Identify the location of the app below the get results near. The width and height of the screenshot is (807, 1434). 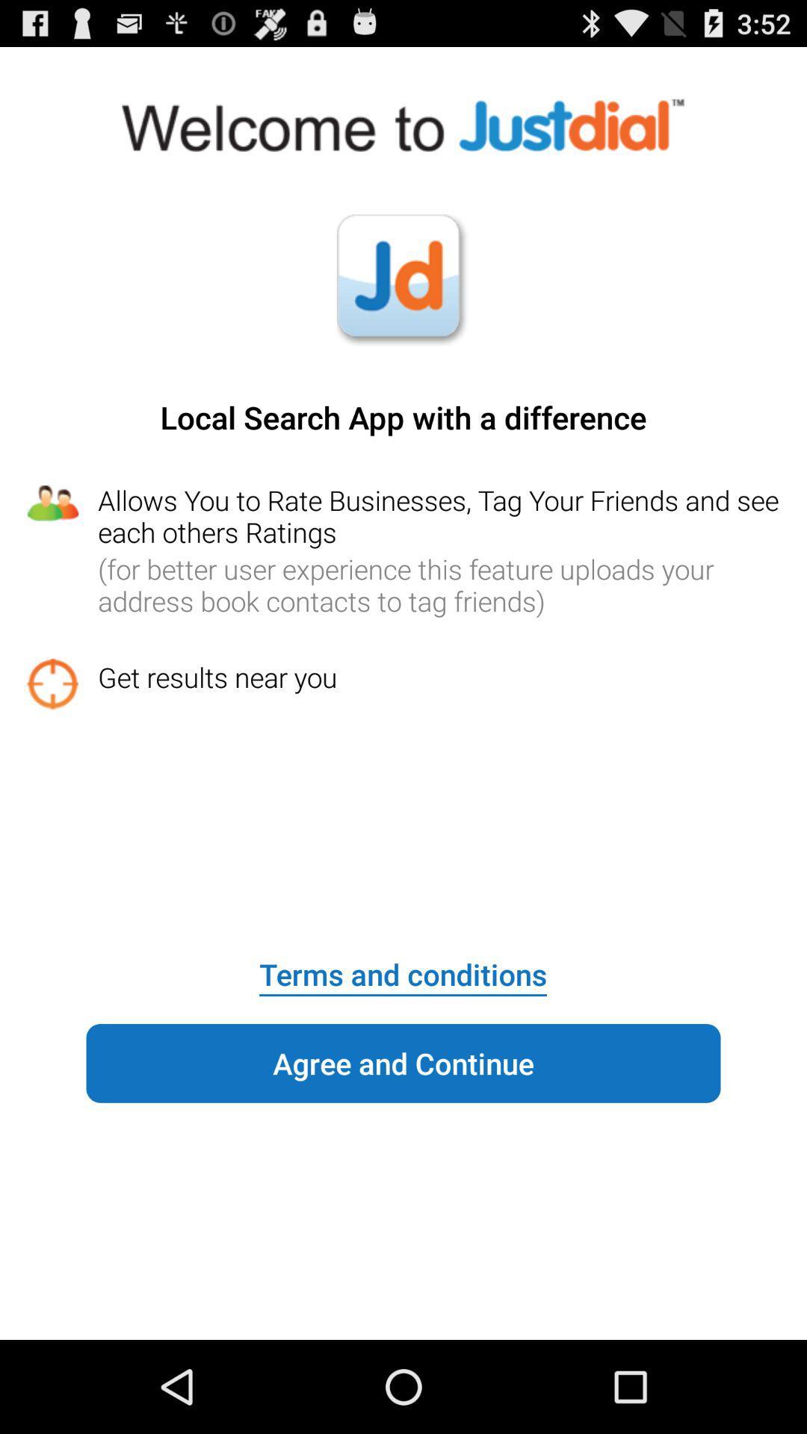
(402, 964).